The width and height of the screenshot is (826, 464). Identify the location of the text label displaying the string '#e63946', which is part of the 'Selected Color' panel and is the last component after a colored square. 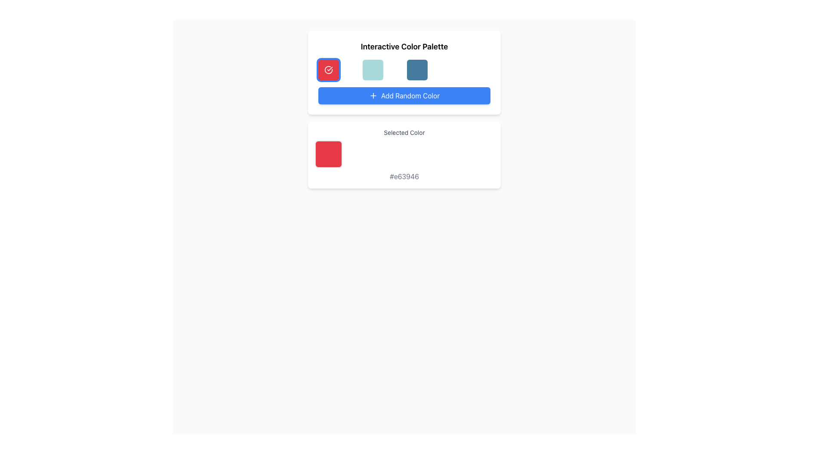
(404, 176).